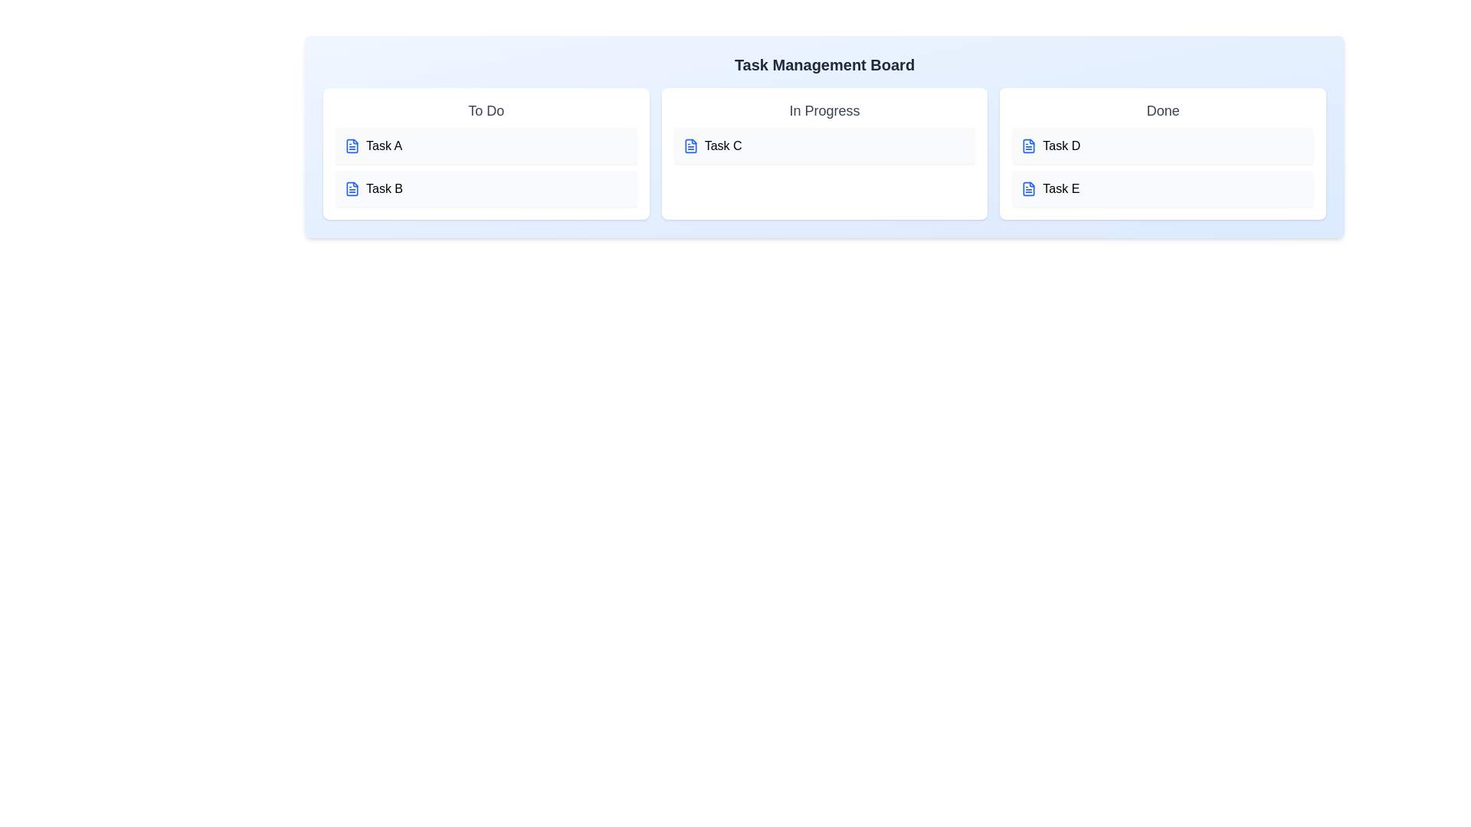 This screenshot has width=1471, height=827. I want to click on the task Task A to edit its title, so click(485, 146).